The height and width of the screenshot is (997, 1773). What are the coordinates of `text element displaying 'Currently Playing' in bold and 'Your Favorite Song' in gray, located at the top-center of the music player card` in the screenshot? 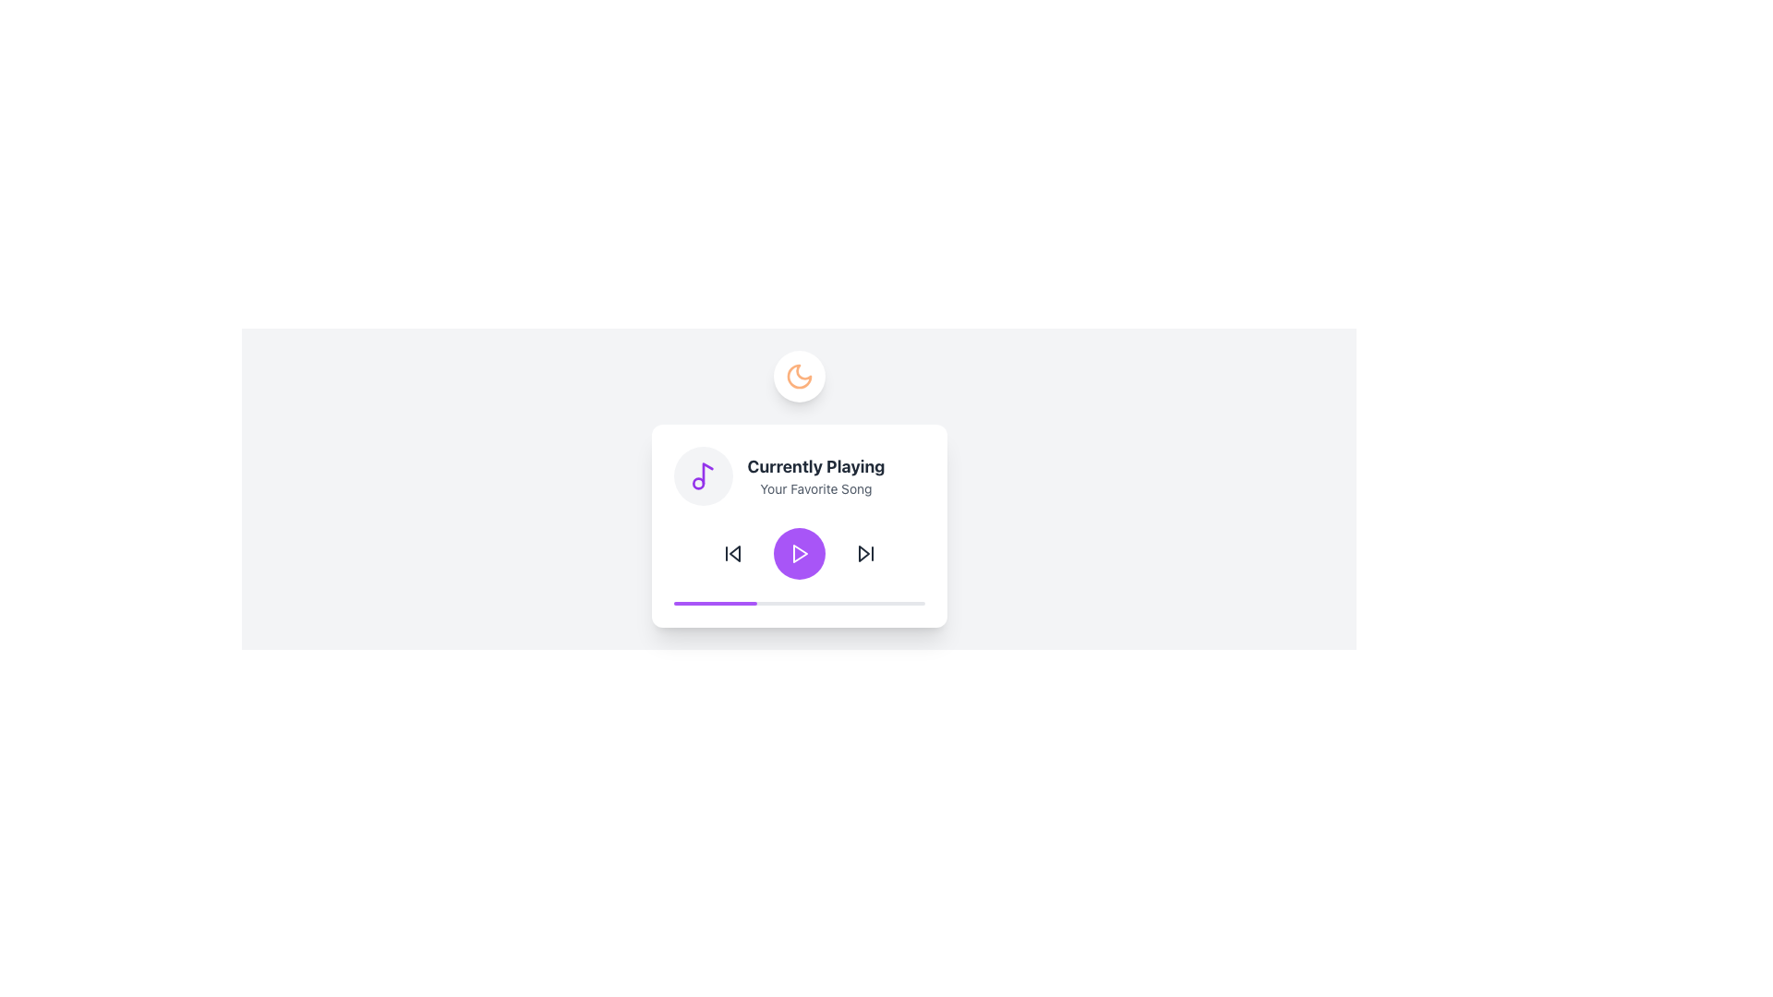 It's located at (814, 475).